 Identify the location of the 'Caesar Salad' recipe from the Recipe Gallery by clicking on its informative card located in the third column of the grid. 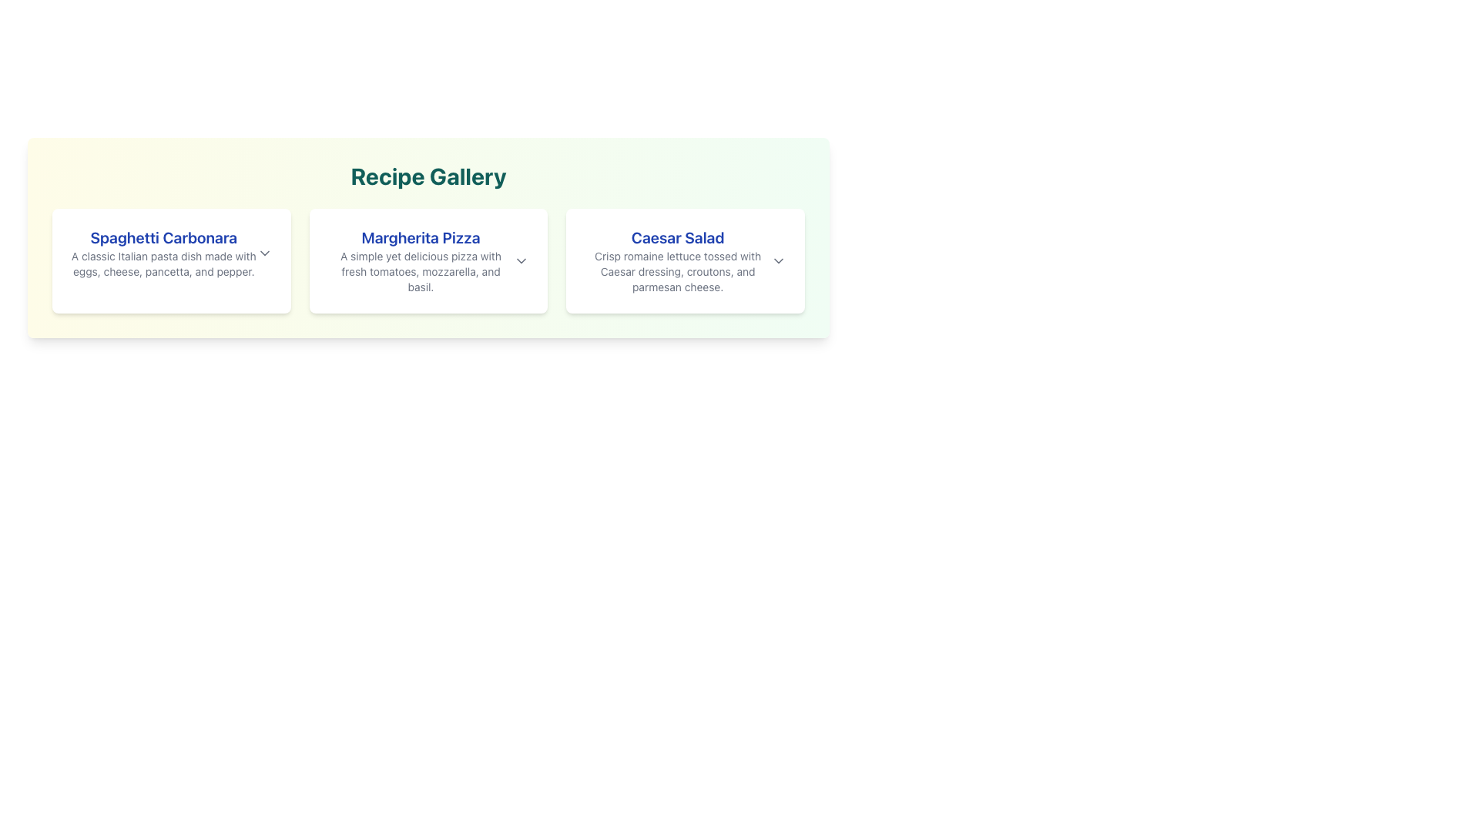
(677, 260).